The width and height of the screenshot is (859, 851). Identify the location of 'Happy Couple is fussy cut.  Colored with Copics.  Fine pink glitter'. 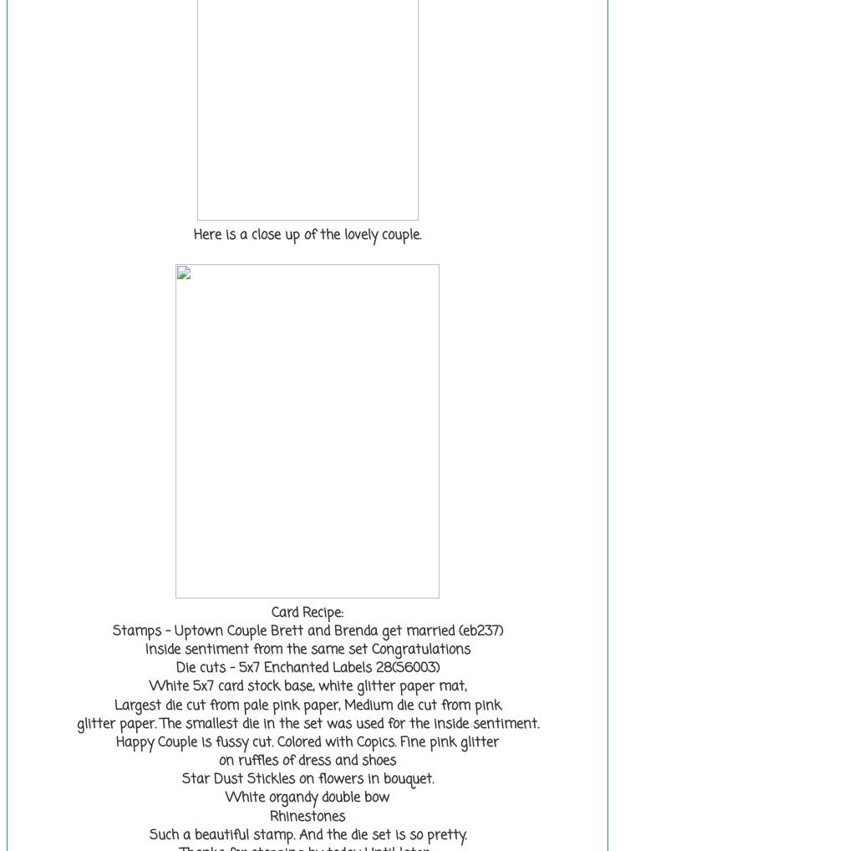
(307, 742).